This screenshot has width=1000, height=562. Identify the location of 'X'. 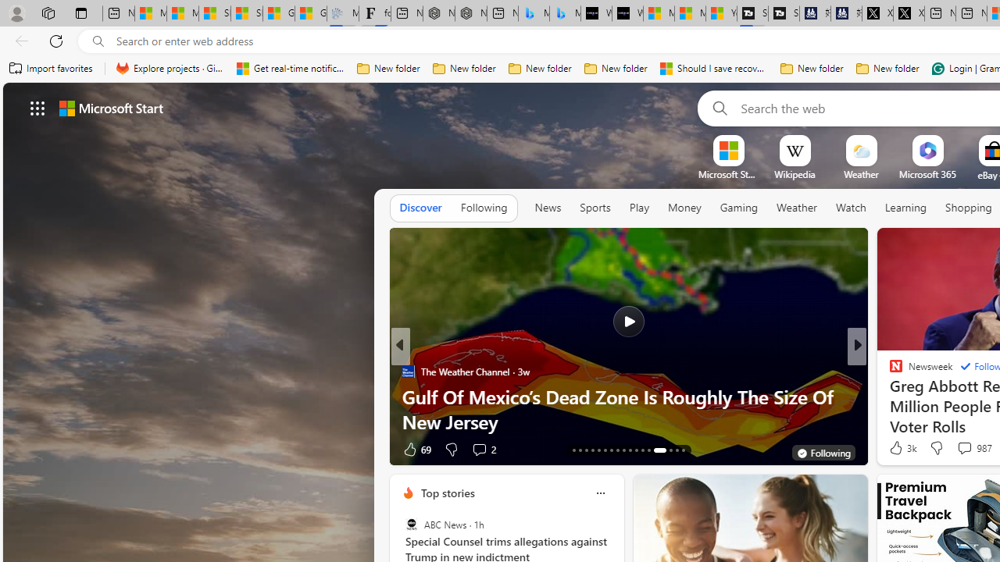
(909, 13).